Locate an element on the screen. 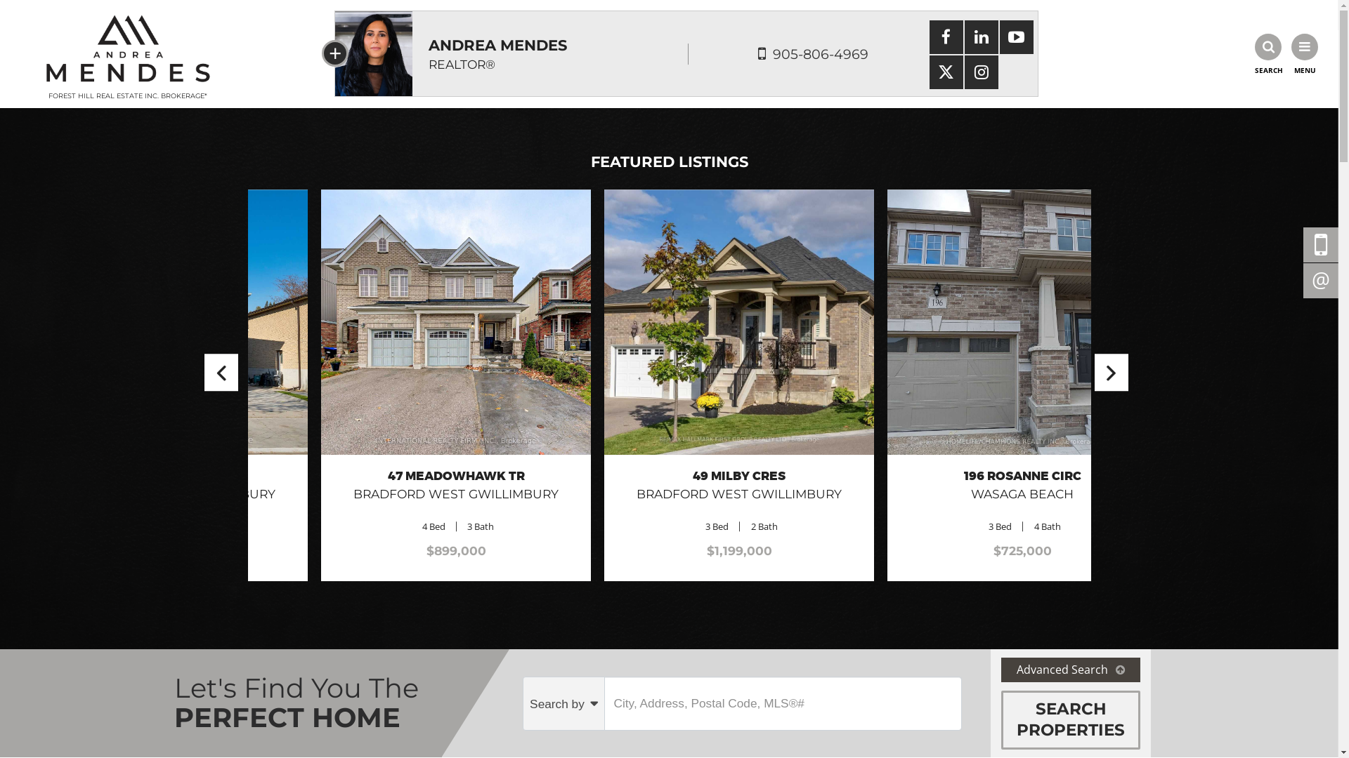 Image resolution: width=1349 pixels, height=758 pixels. 'SEARCH PROPERTIES' is located at coordinates (1069, 720).